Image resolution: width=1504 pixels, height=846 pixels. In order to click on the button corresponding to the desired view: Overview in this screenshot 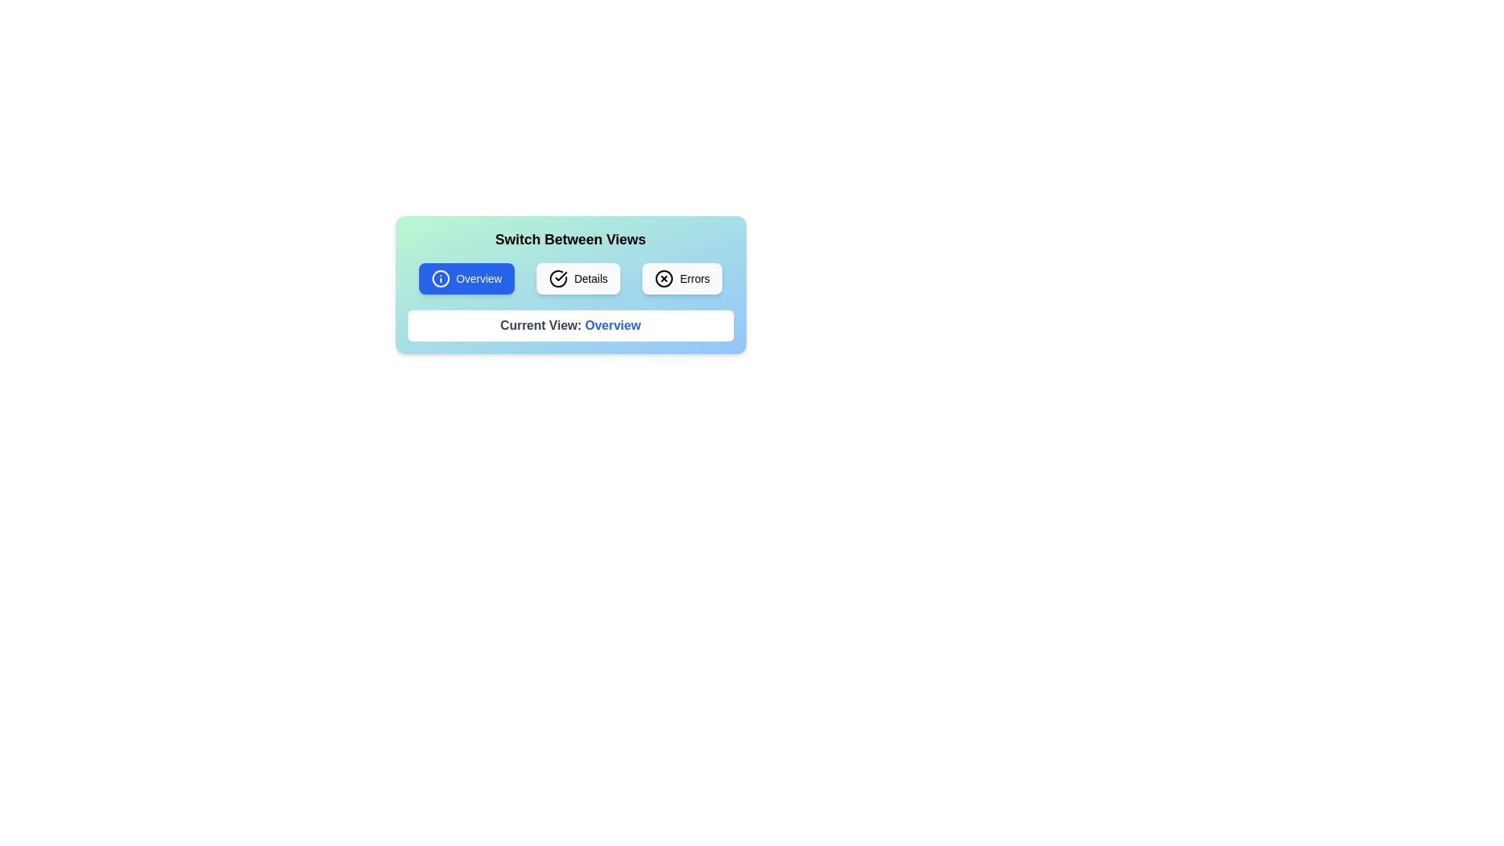, I will do `click(465, 277)`.